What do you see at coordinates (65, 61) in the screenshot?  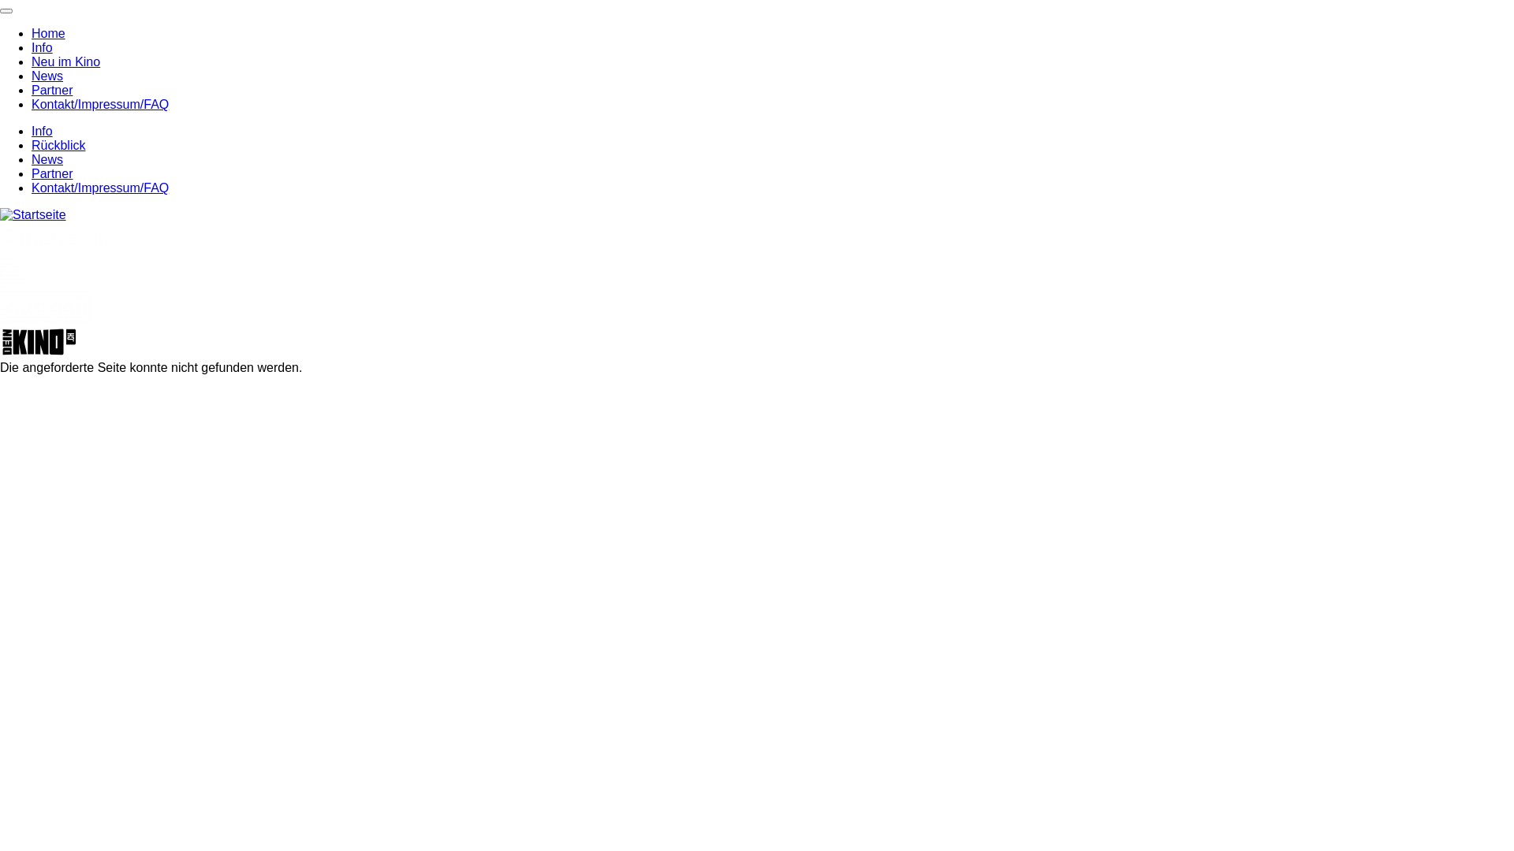 I see `'Neu im Kino'` at bounding box center [65, 61].